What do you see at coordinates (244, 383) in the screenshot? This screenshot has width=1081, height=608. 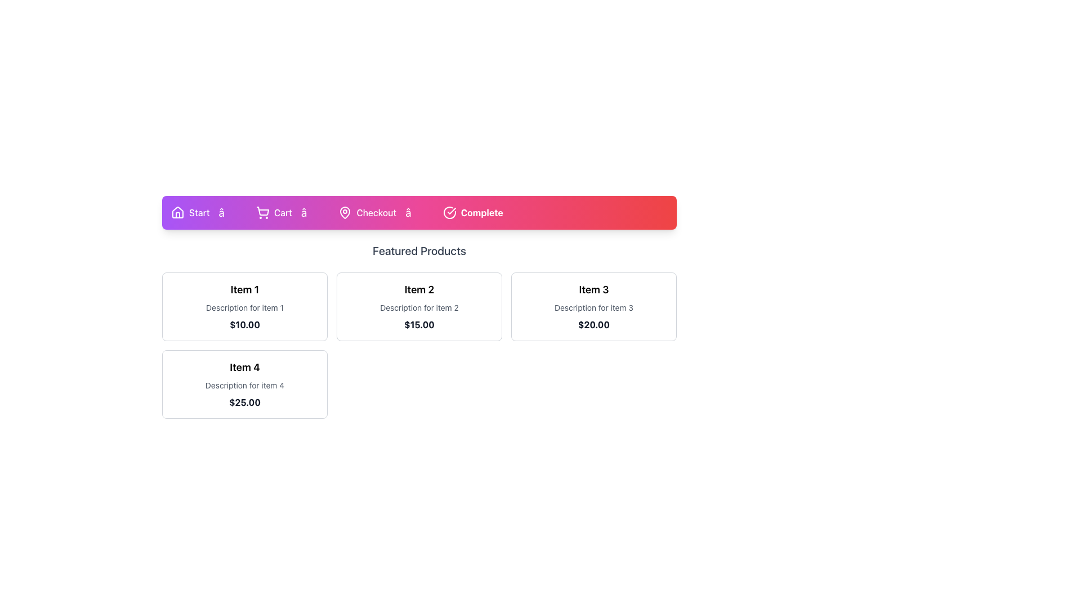 I see `the product details card located in the bottom-left corner of the grid, which is the fourth card below the 'Featured Products' navigation bar` at bounding box center [244, 383].